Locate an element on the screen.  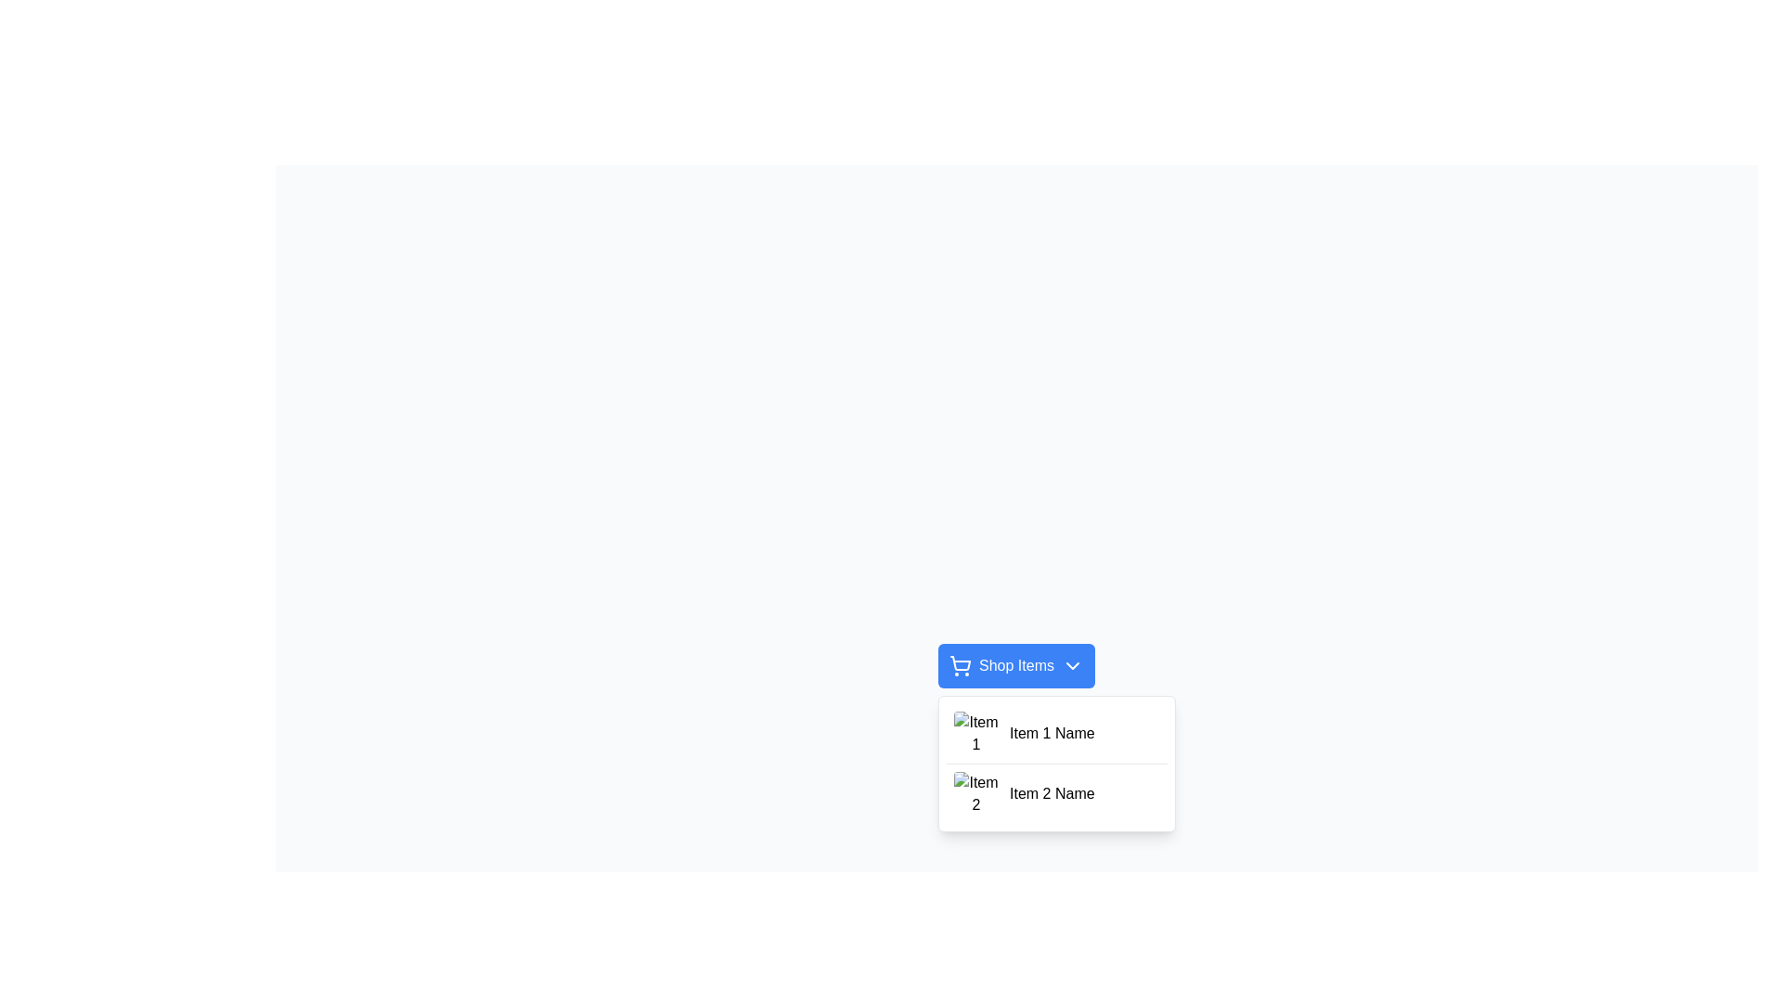
the dropdown menu located directly below the 'Shop Items' button is located at coordinates (1056, 764).